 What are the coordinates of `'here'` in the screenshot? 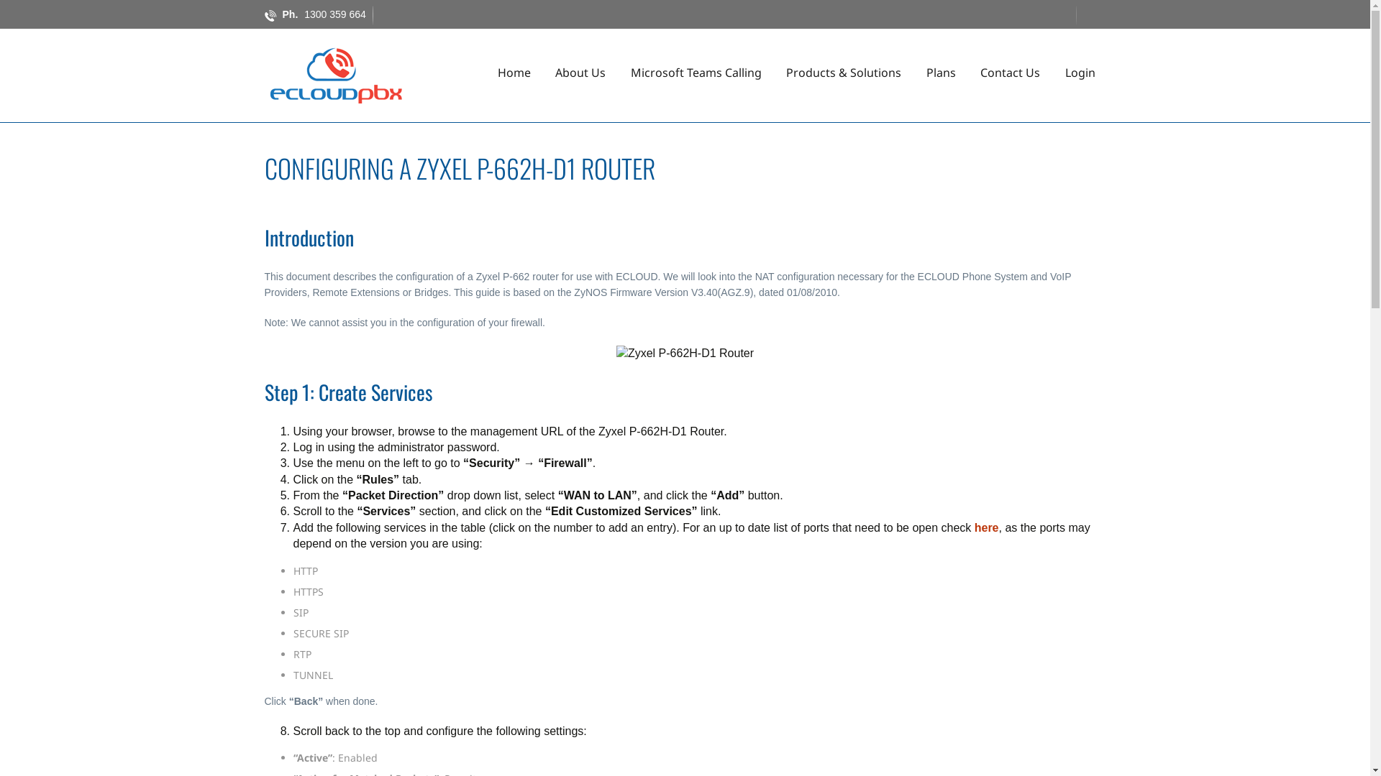 It's located at (986, 527).